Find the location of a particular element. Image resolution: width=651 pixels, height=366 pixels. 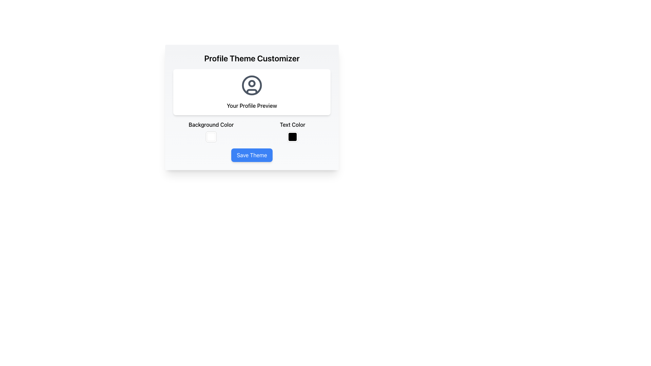

the circular user silhouette icon with a gray outline located in the 'Your Profile Preview' section, above the 'Your Profile Preview' text is located at coordinates (252, 85).